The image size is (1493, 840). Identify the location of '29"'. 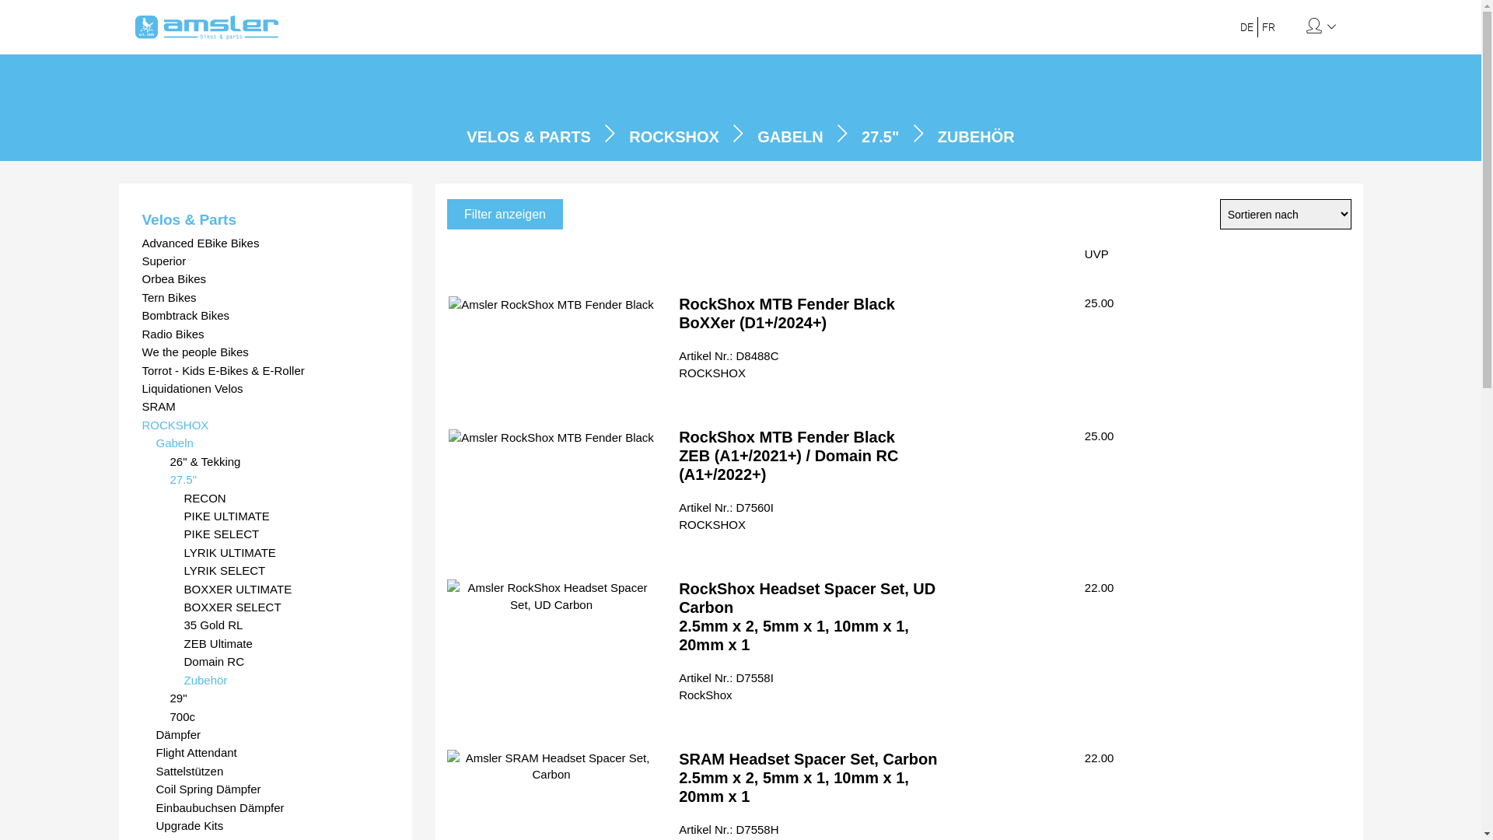
(279, 697).